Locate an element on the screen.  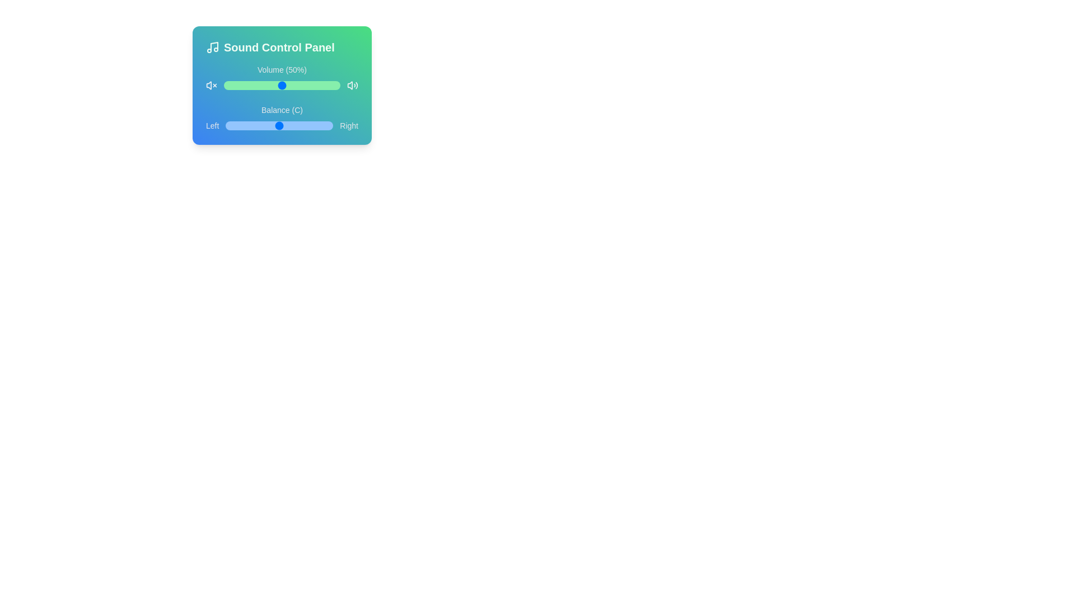
the balance is located at coordinates (322, 125).